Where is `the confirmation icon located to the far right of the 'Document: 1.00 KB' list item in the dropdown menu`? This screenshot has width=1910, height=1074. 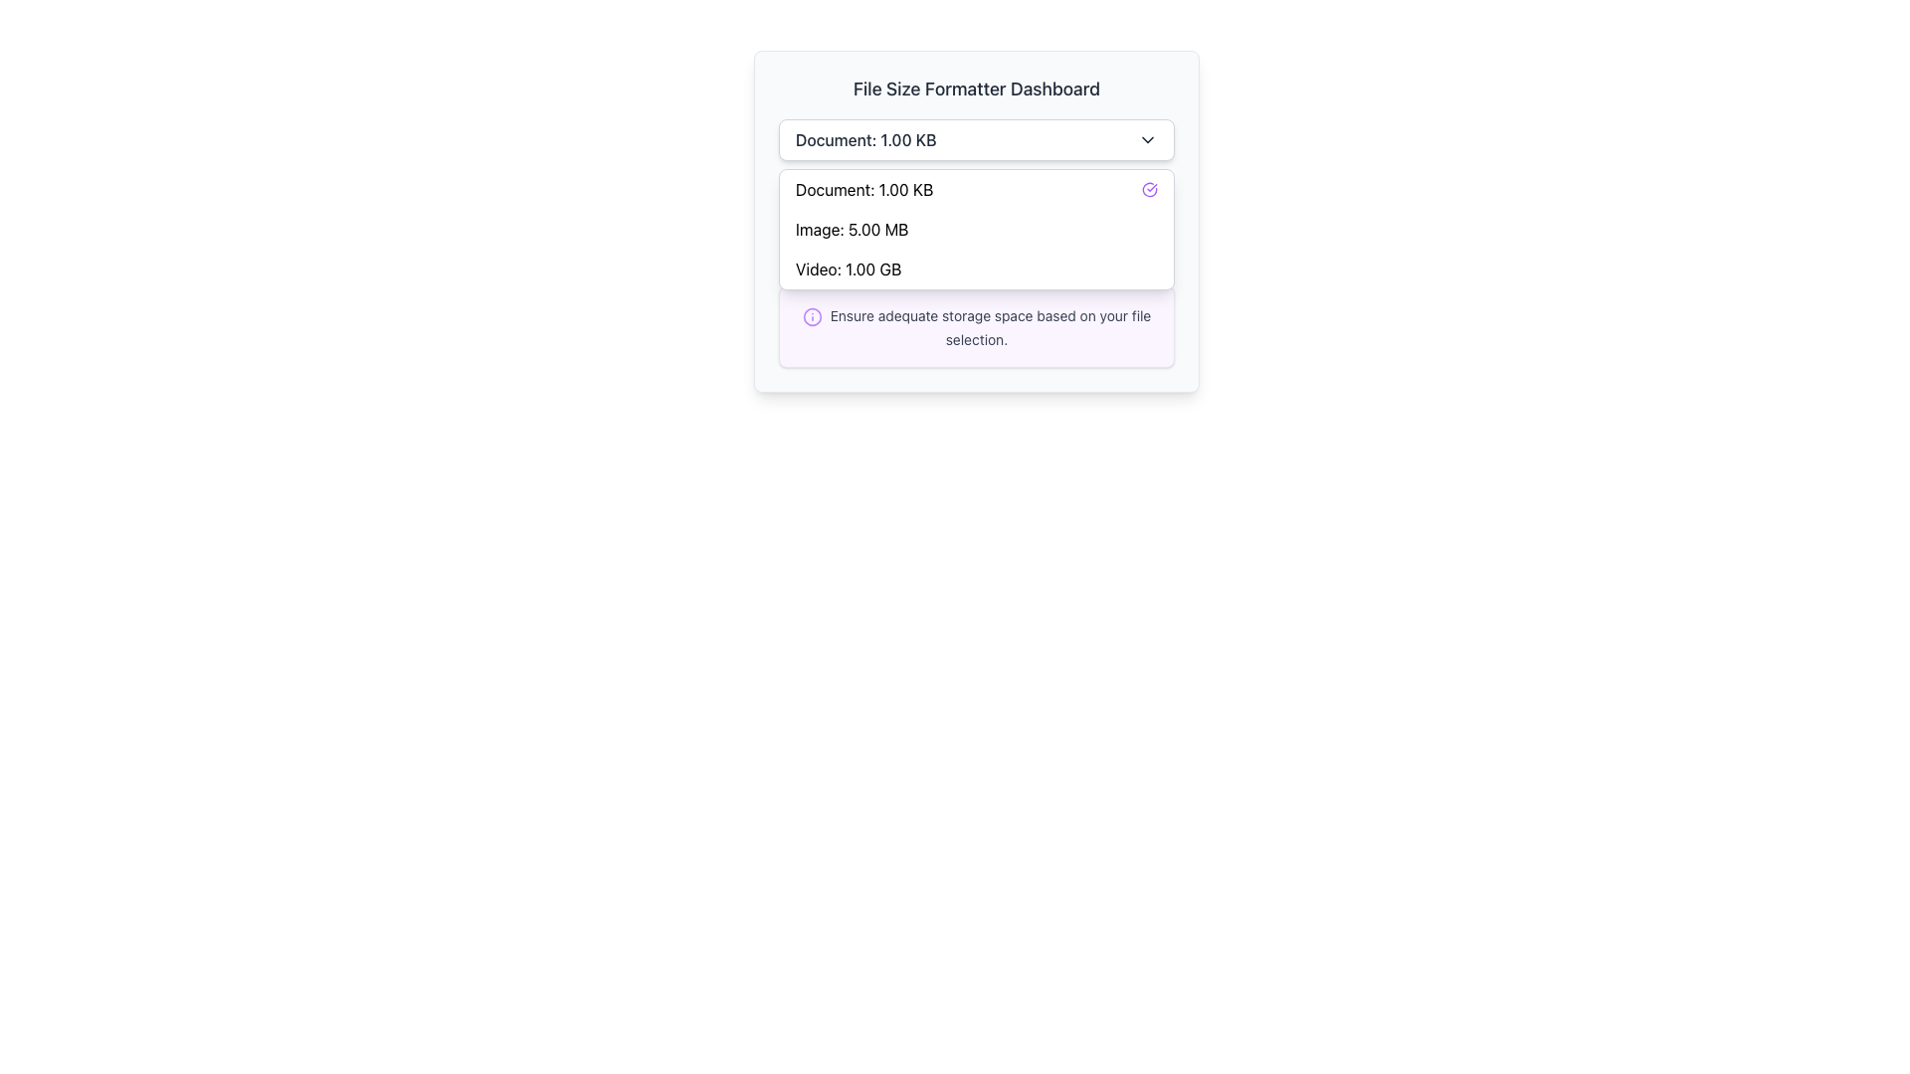 the confirmation icon located to the far right of the 'Document: 1.00 KB' list item in the dropdown menu is located at coordinates (1150, 190).